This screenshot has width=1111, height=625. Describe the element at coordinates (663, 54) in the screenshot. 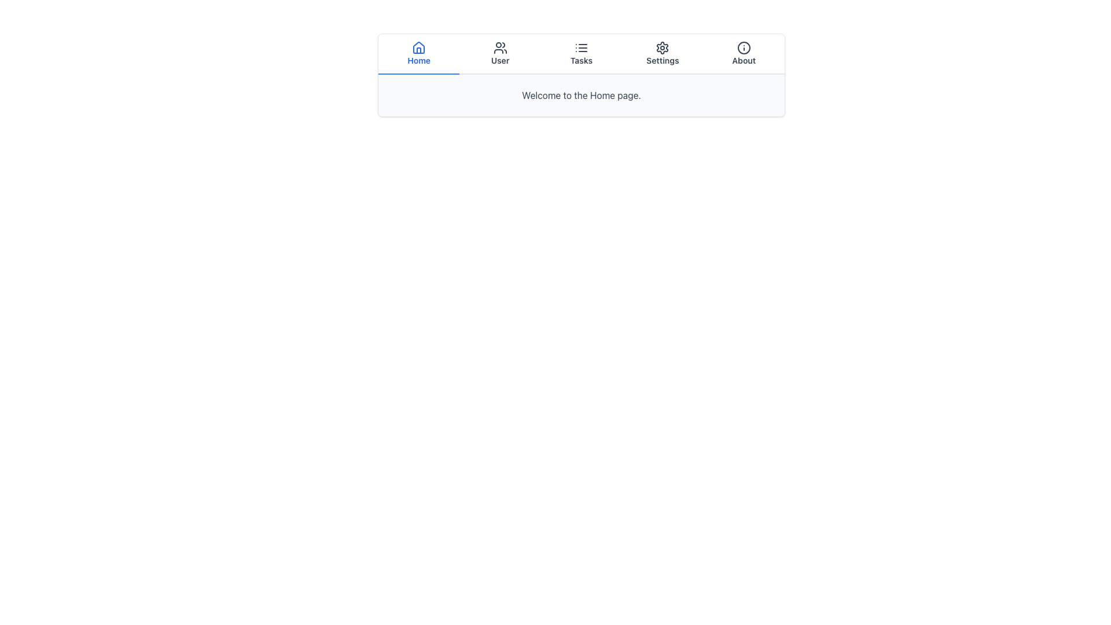

I see `the 'Settings' navigation tab, which is the fourth item in the horizontal menu bar located near the top of the interface` at that location.